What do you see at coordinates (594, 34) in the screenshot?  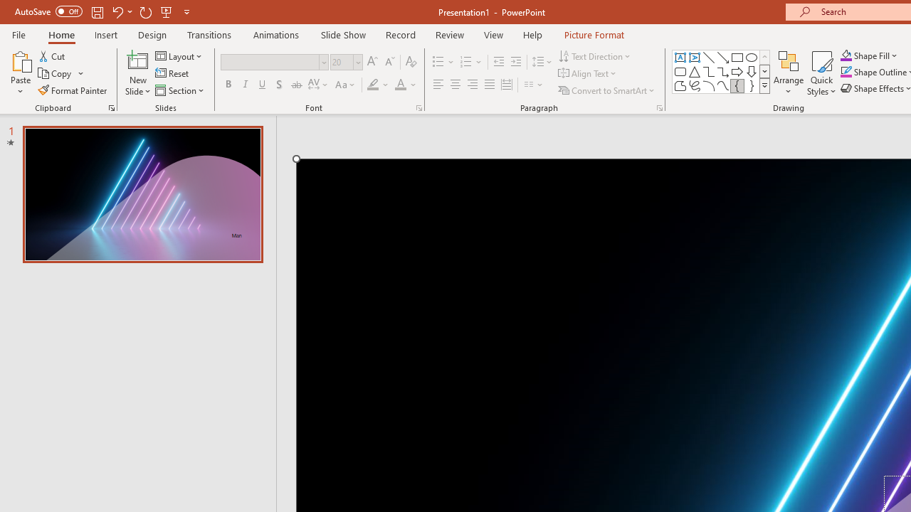 I see `'Picture Format'` at bounding box center [594, 34].